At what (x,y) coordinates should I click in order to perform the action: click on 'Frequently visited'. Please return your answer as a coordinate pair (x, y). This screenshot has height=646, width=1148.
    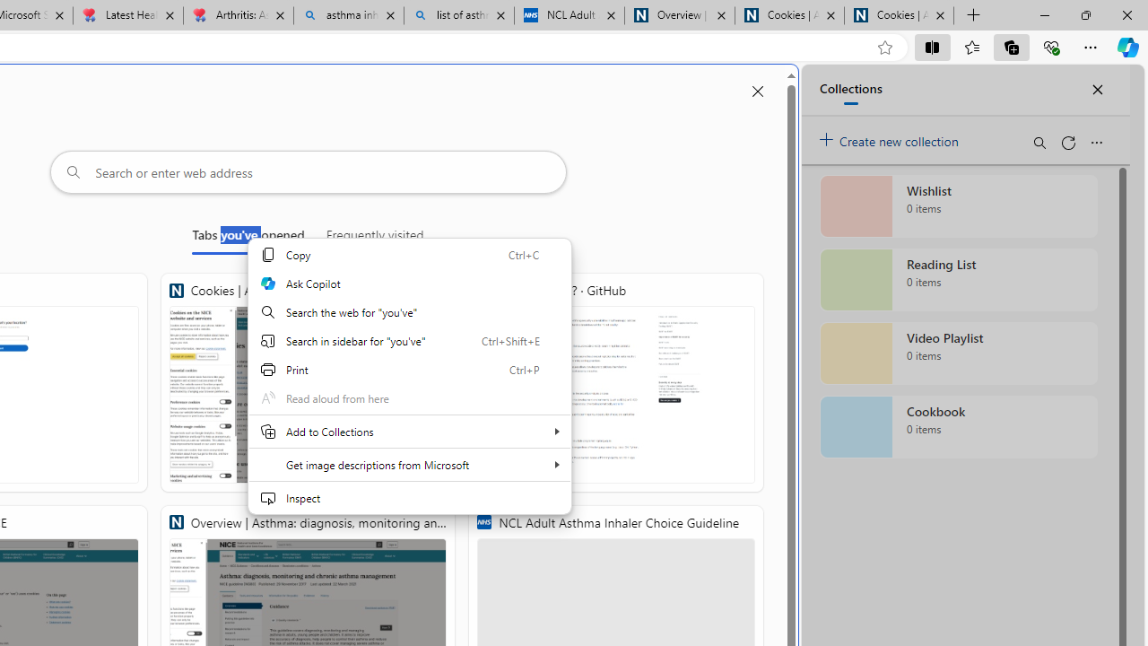
    Looking at the image, I should click on (374, 238).